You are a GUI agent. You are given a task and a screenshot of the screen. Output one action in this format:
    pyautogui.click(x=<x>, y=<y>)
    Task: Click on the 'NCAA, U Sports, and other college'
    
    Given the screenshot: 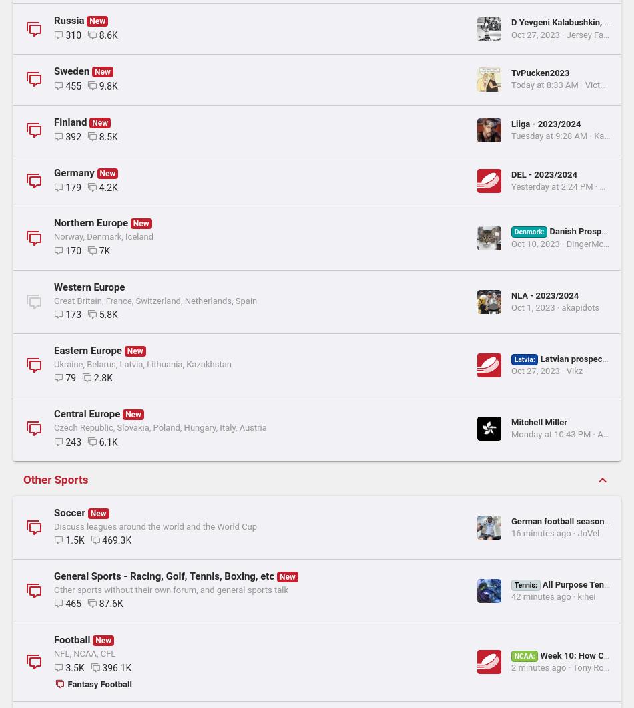 What is the action you would take?
    pyautogui.click(x=130, y=302)
    